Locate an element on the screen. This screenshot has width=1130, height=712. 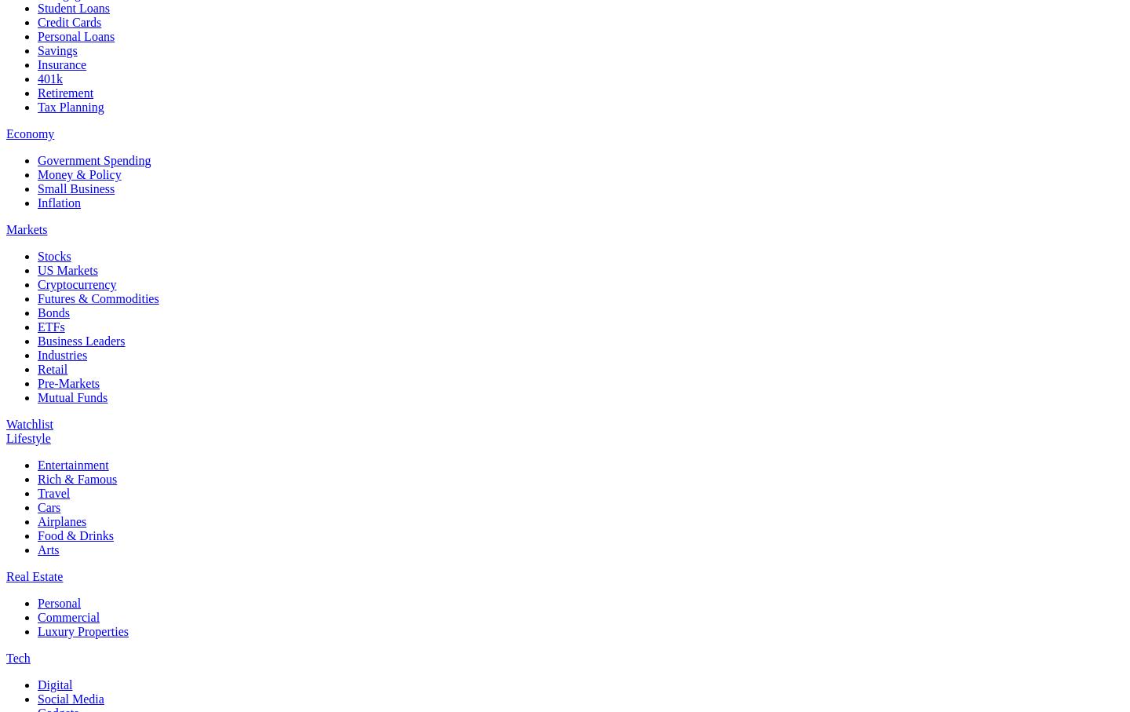
'Food & Drinks' is located at coordinates (75, 534).